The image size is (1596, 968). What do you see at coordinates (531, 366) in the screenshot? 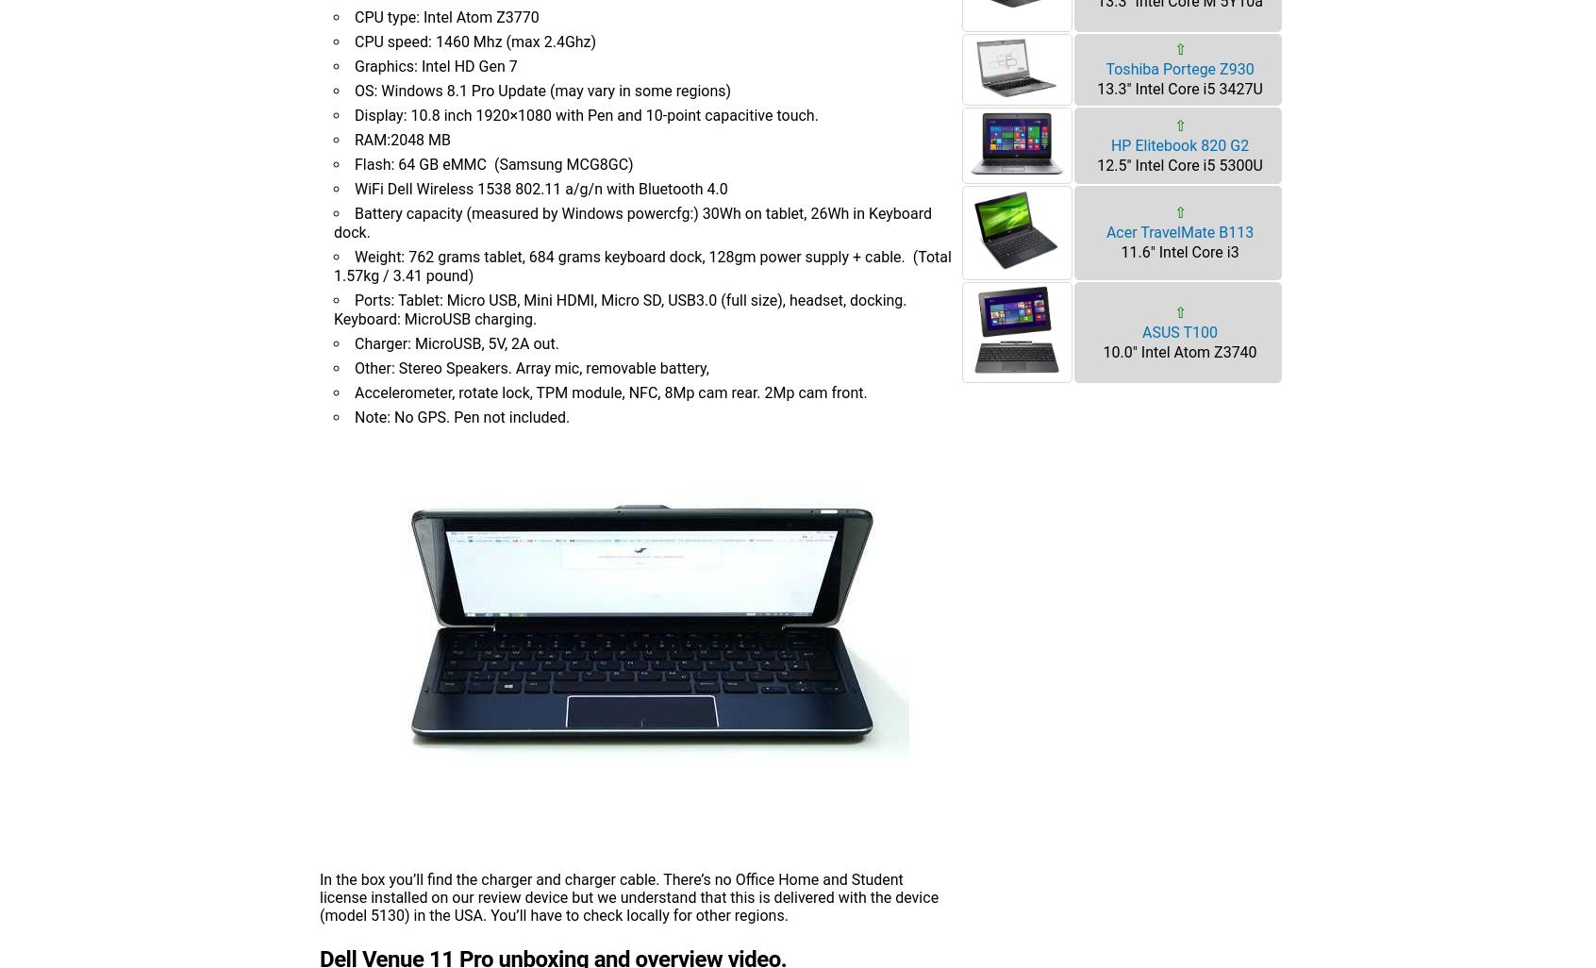
I see `'Other: Stereo Speakers. Array mic, removable battery,'` at bounding box center [531, 366].